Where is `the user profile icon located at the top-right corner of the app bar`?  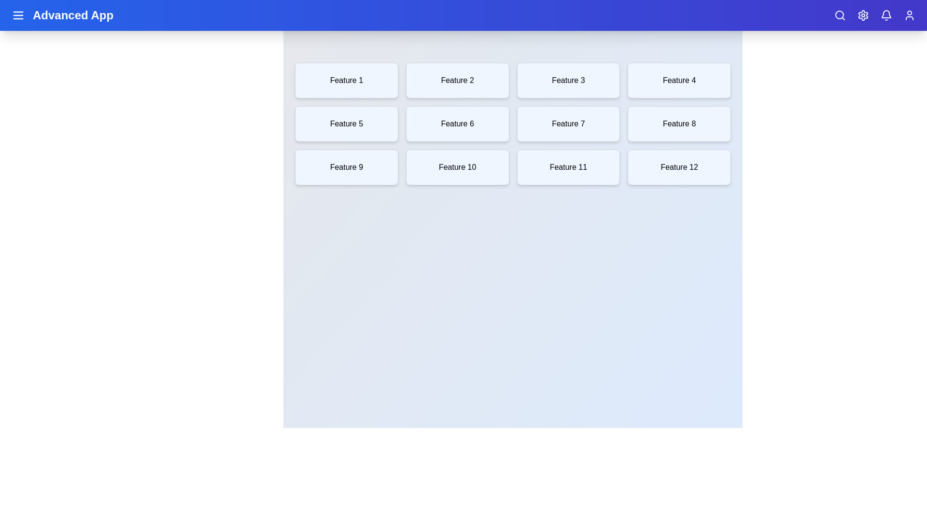
the user profile icon located at the top-right corner of the app bar is located at coordinates (909, 15).